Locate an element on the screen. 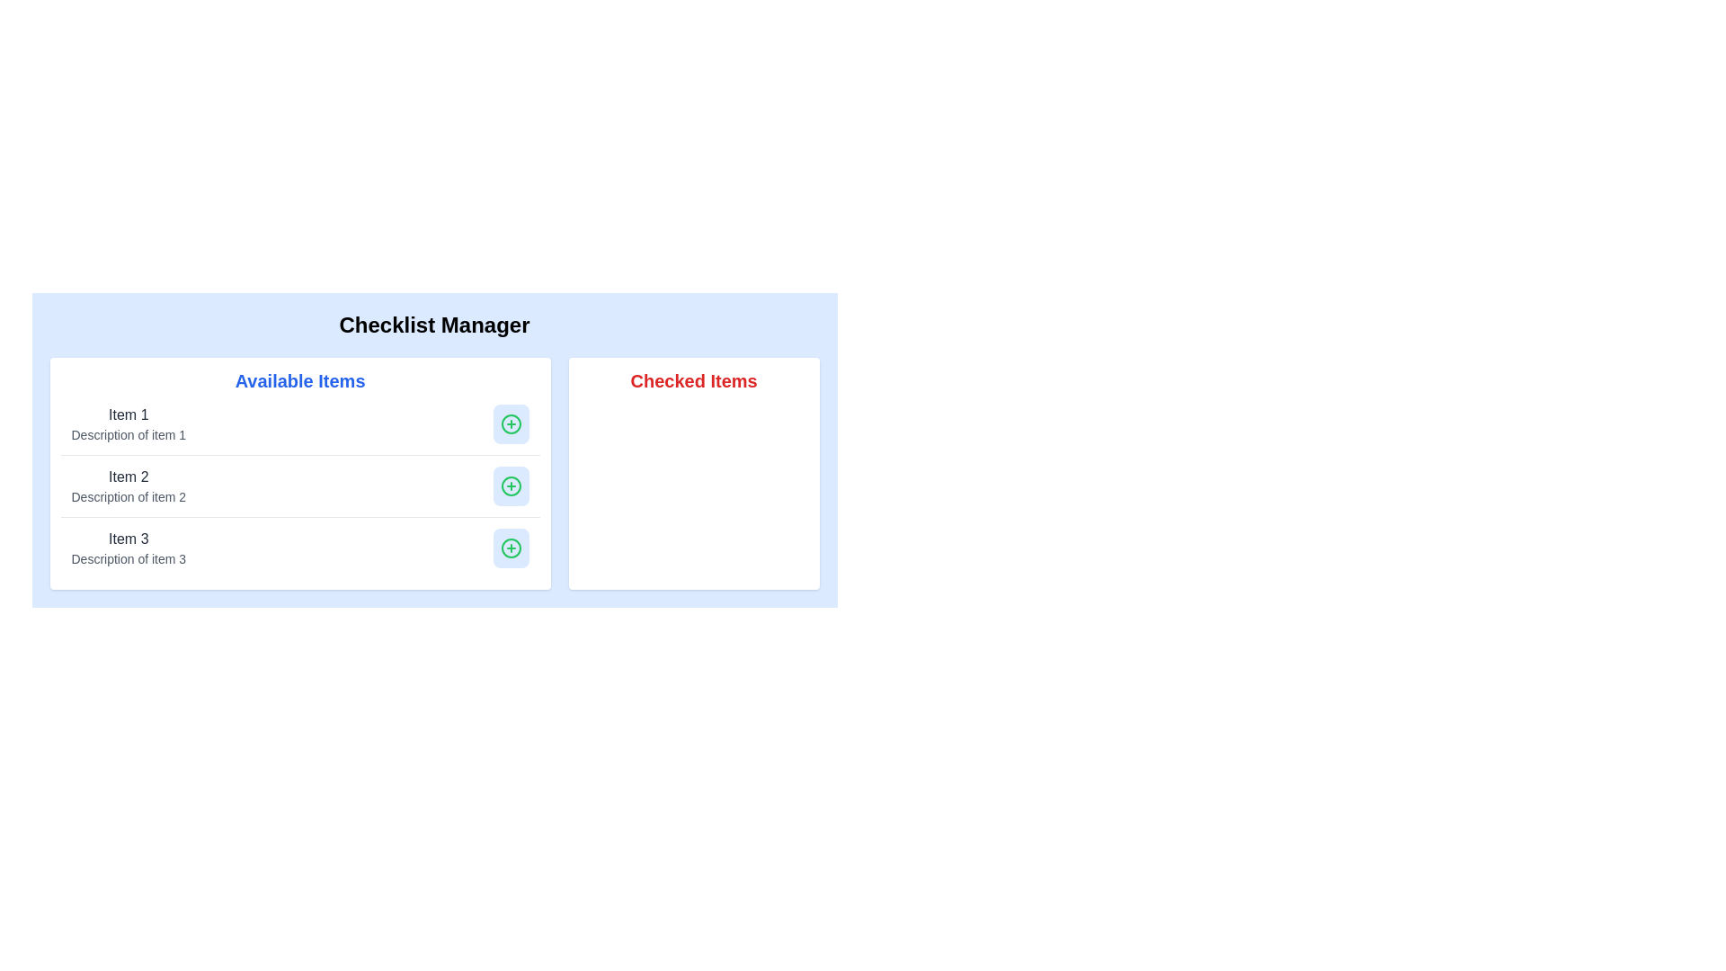  the Text label providing a detailed description of 'Item 3', which is centrally aligned below the 'Item 3' heading in the third section of the 'Available Items' group is located at coordinates (128, 557).